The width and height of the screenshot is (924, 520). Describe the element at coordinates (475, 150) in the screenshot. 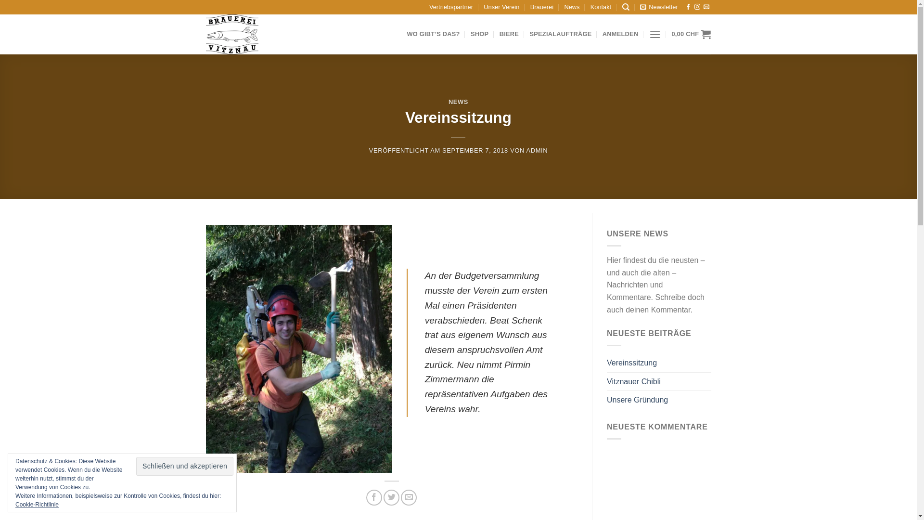

I see `'SEPTEMBER 7, 2018'` at that location.